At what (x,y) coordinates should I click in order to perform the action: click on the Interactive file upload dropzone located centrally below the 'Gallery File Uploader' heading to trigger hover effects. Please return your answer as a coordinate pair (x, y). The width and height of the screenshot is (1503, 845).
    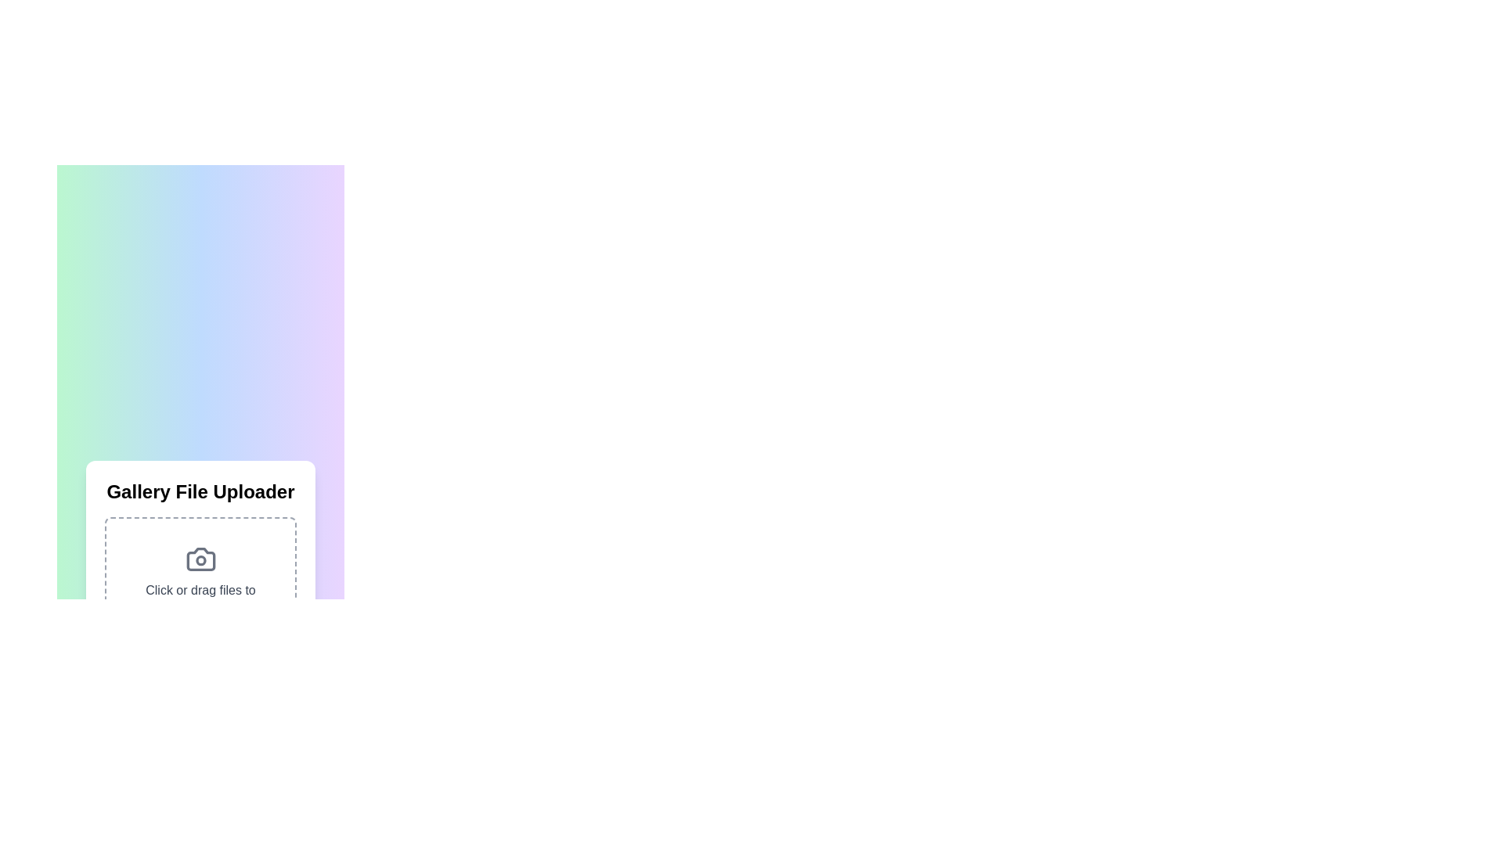
    Looking at the image, I should click on (200, 581).